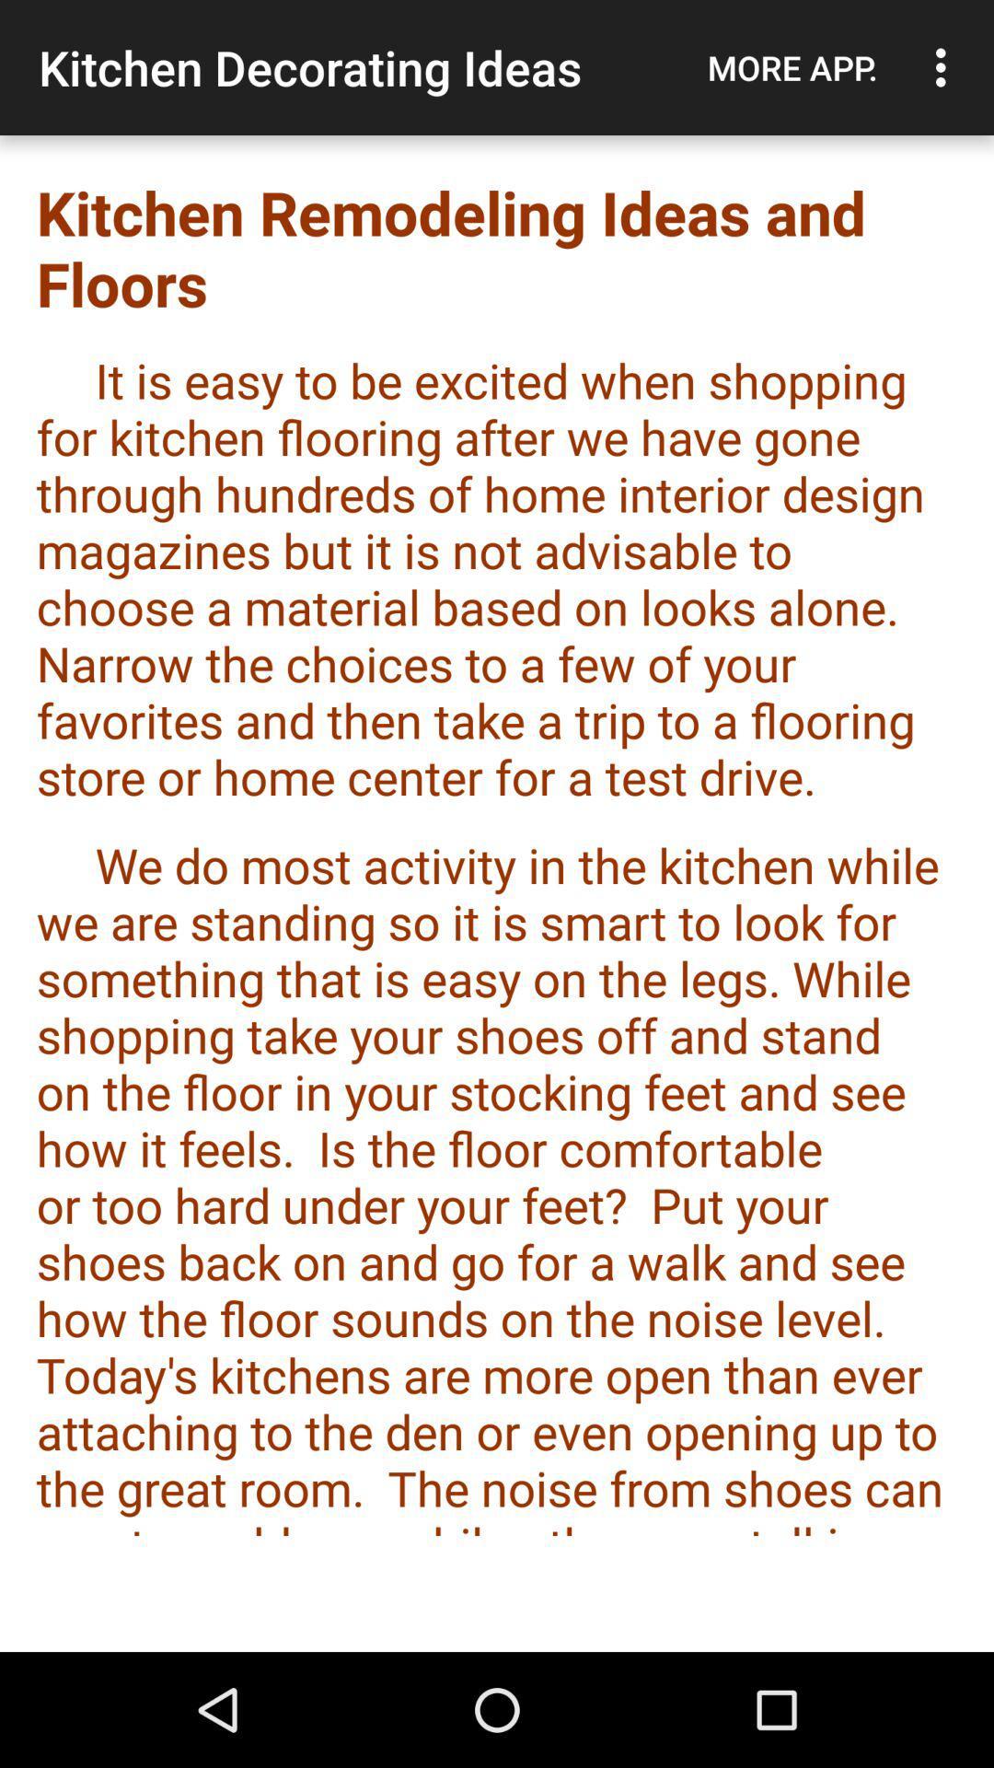 Image resolution: width=994 pixels, height=1768 pixels. What do you see at coordinates (792, 67) in the screenshot?
I see `more app.` at bounding box center [792, 67].